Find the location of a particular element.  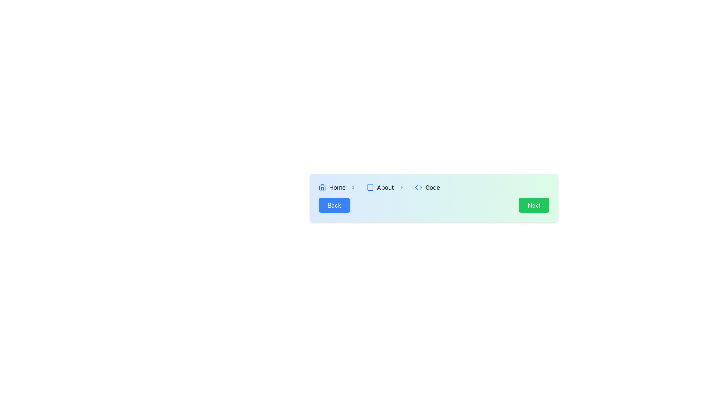

the blue book icon located in the breadcrumb navigation bar, which is positioned to the left of the 'About' text is located at coordinates (370, 187).